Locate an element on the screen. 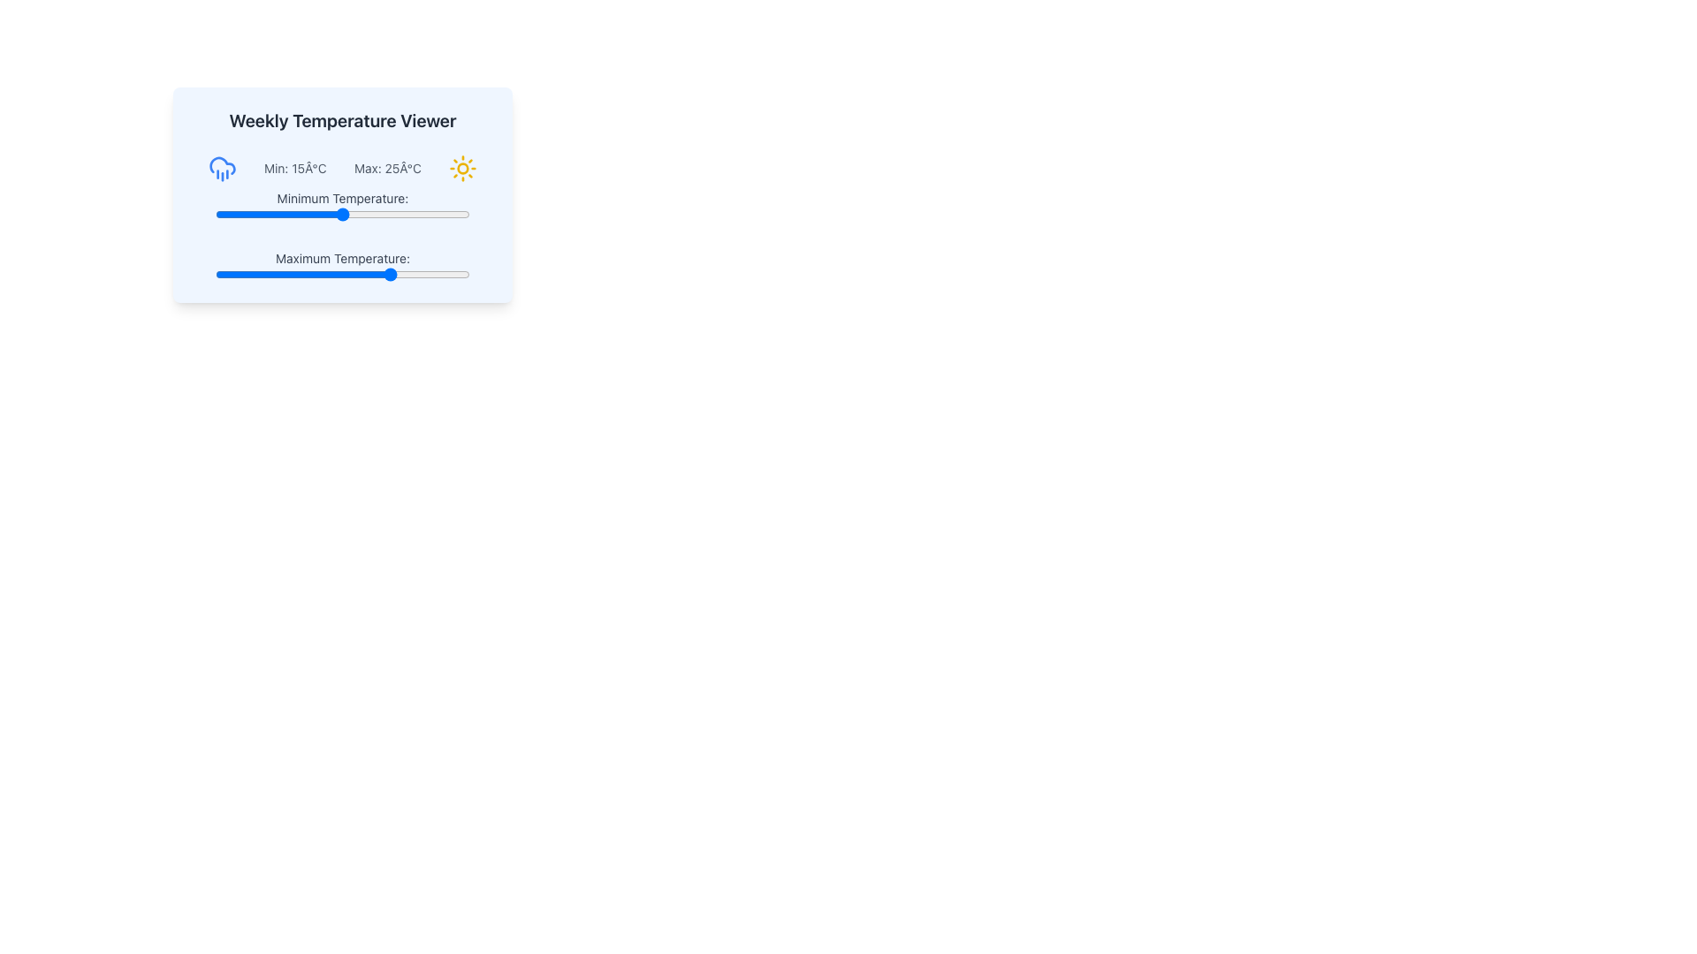 The image size is (1697, 954). the blue cloud with raindrops icon, which is the leftmost icon in the 'Weekly Temperature Viewer' card, adjacent to 'Min: 15°C' is located at coordinates (221, 169).